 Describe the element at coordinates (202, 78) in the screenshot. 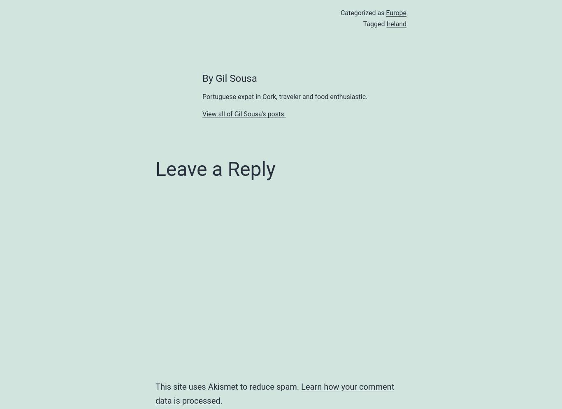

I see `'By Gil Sousa'` at that location.